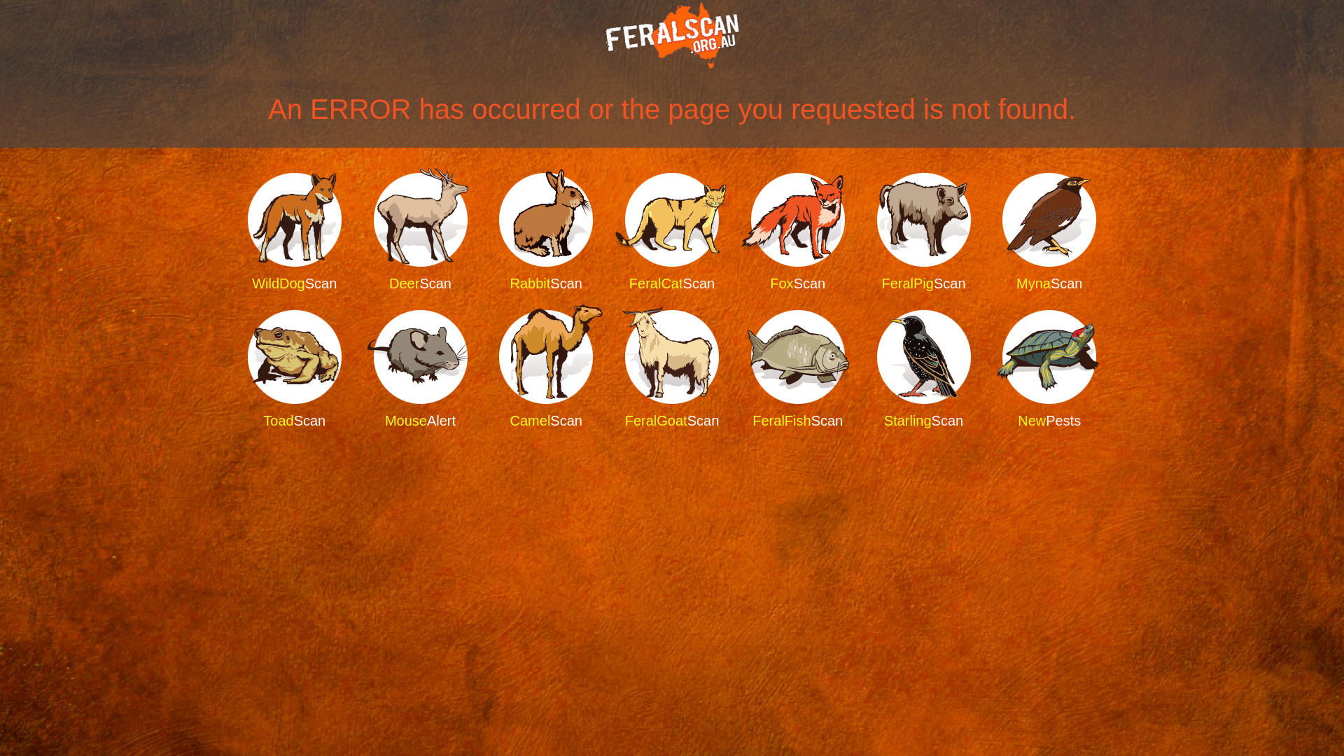  What do you see at coordinates (609, 232) in the screenshot?
I see `'FeralCatScan'` at bounding box center [609, 232].